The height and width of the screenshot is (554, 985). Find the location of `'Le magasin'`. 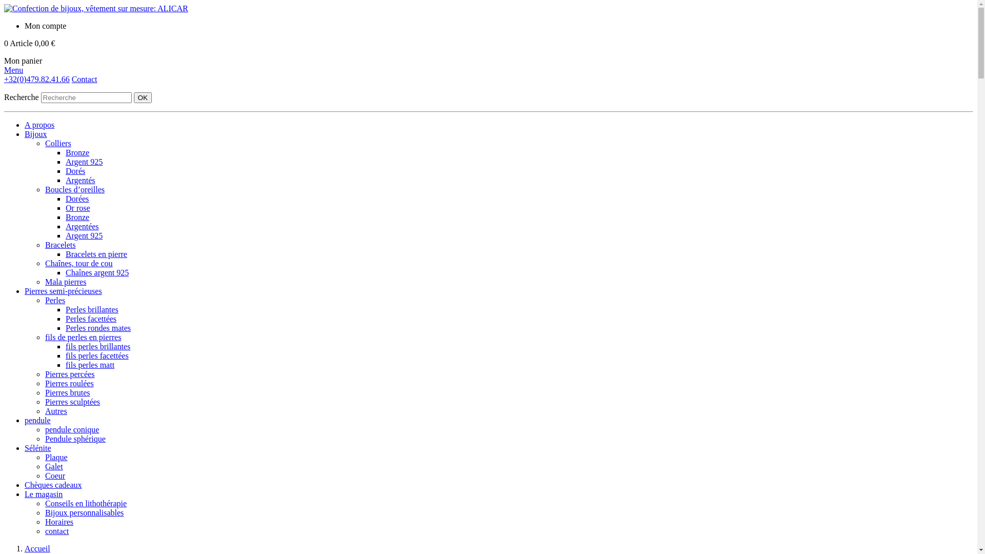

'Le magasin' is located at coordinates (43, 493).